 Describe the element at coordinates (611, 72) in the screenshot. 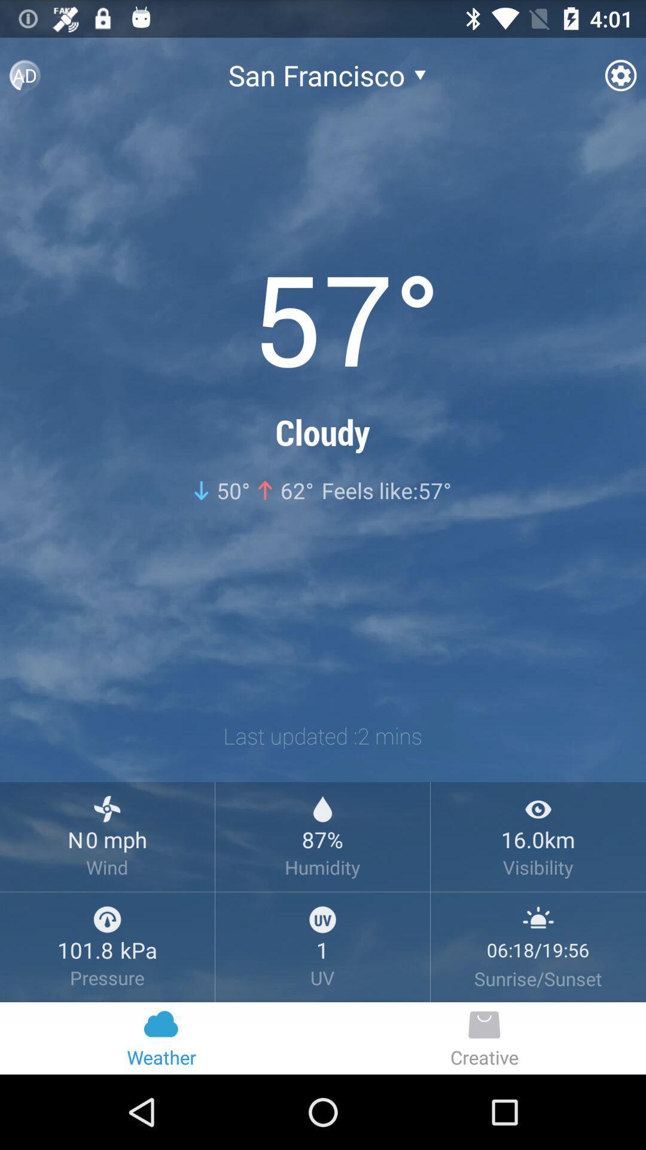

I see `the settings icon` at that location.